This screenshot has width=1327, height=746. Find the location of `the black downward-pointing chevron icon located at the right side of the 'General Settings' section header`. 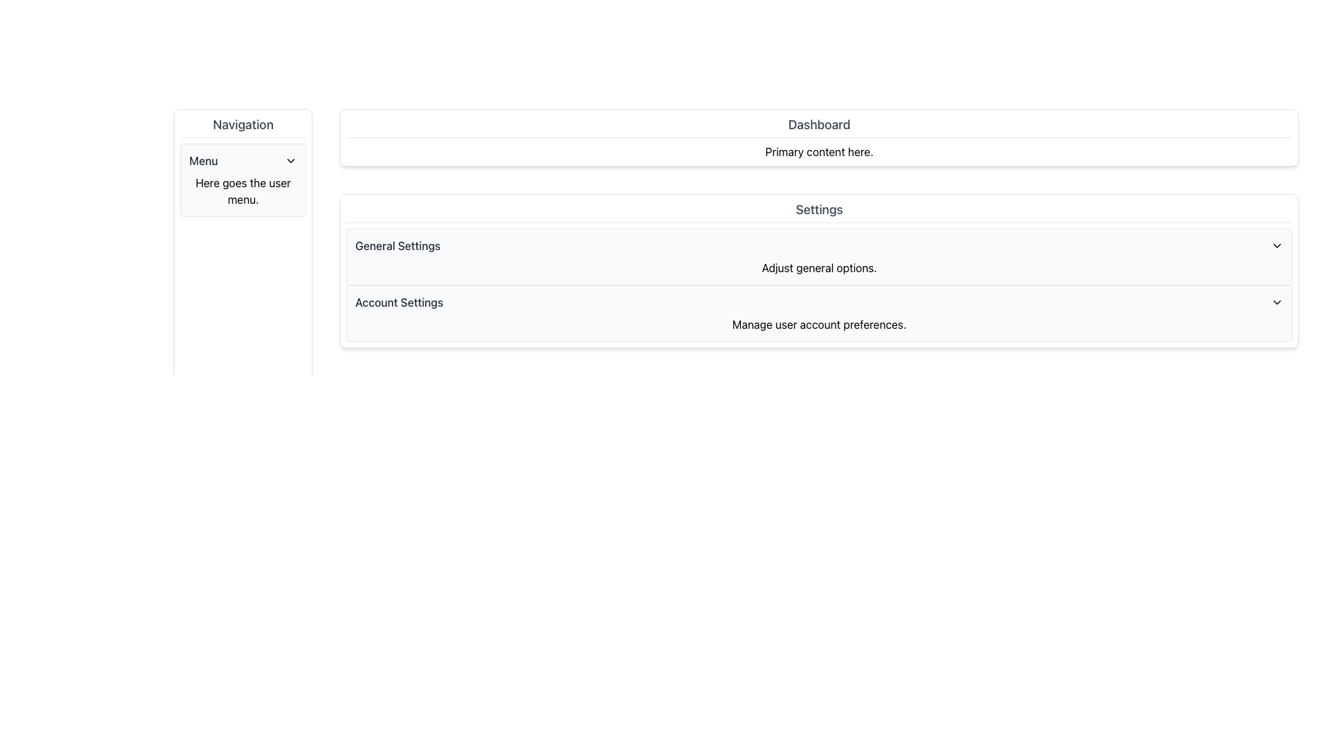

the black downward-pointing chevron icon located at the right side of the 'General Settings' section header is located at coordinates (1277, 245).